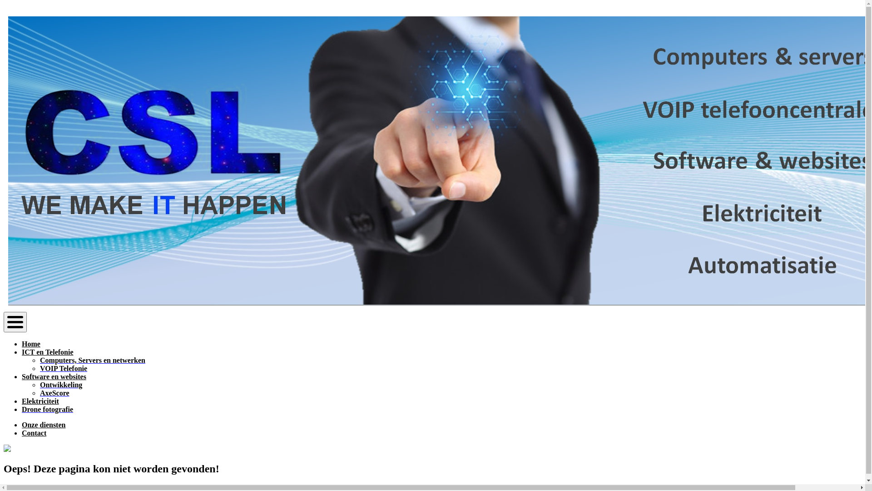 The image size is (872, 491). What do you see at coordinates (40, 401) in the screenshot?
I see `'Elektriciteit'` at bounding box center [40, 401].